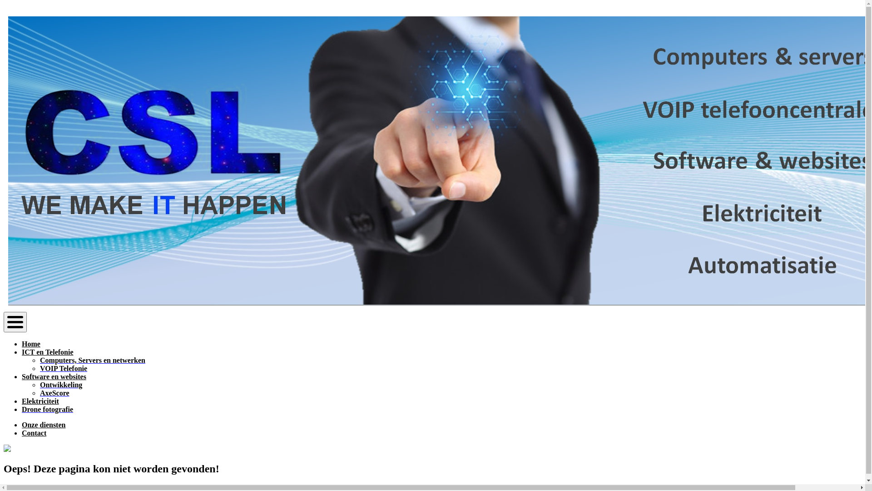 The image size is (872, 491). What do you see at coordinates (40, 401) in the screenshot?
I see `'Elektriciteit'` at bounding box center [40, 401].